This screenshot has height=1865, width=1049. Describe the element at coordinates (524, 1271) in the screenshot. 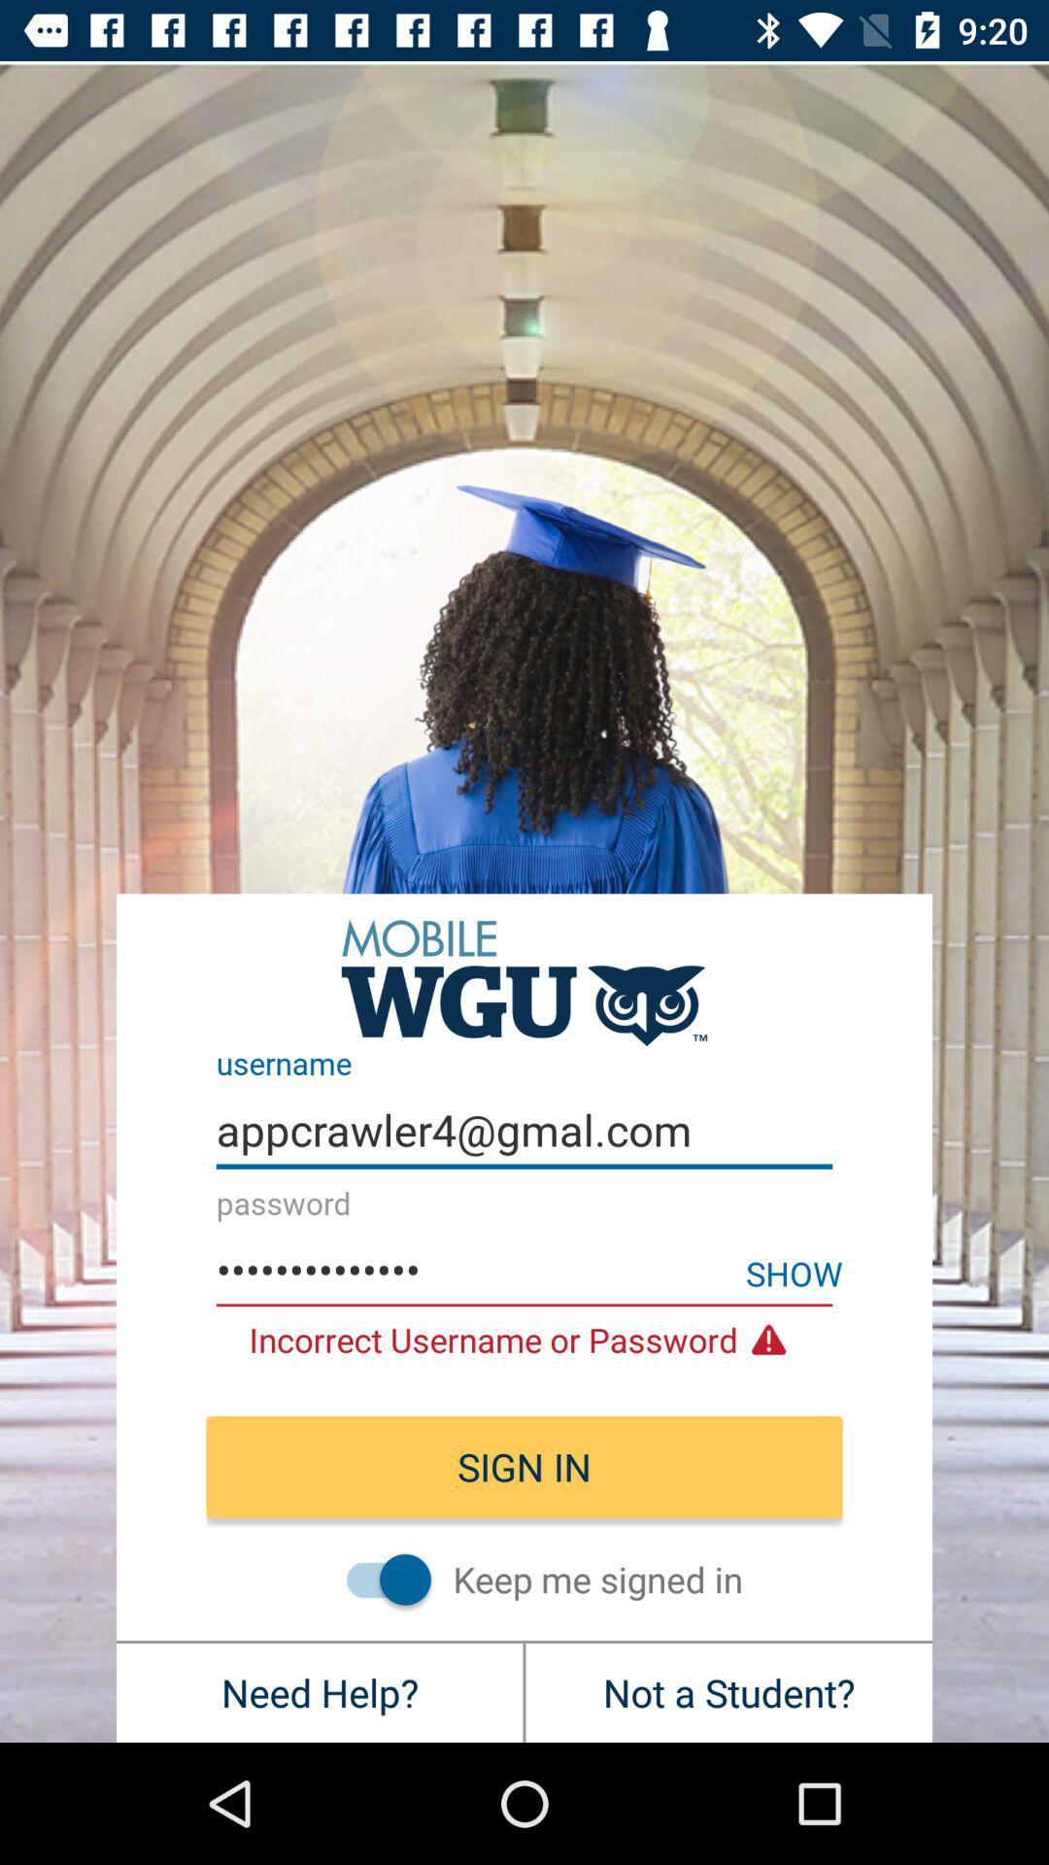

I see `the appcrawler3116 icon` at that location.